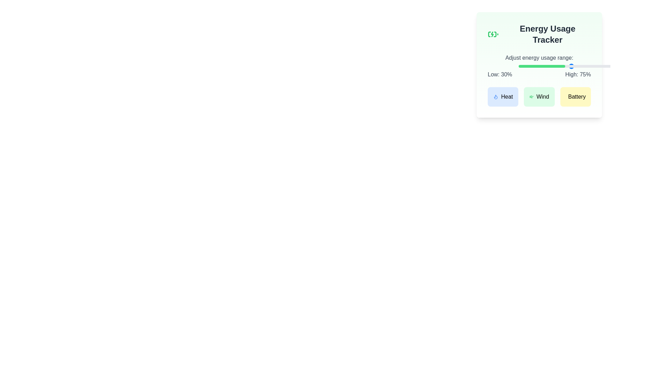 Image resolution: width=667 pixels, height=375 pixels. I want to click on the energy usage range, so click(586, 66).